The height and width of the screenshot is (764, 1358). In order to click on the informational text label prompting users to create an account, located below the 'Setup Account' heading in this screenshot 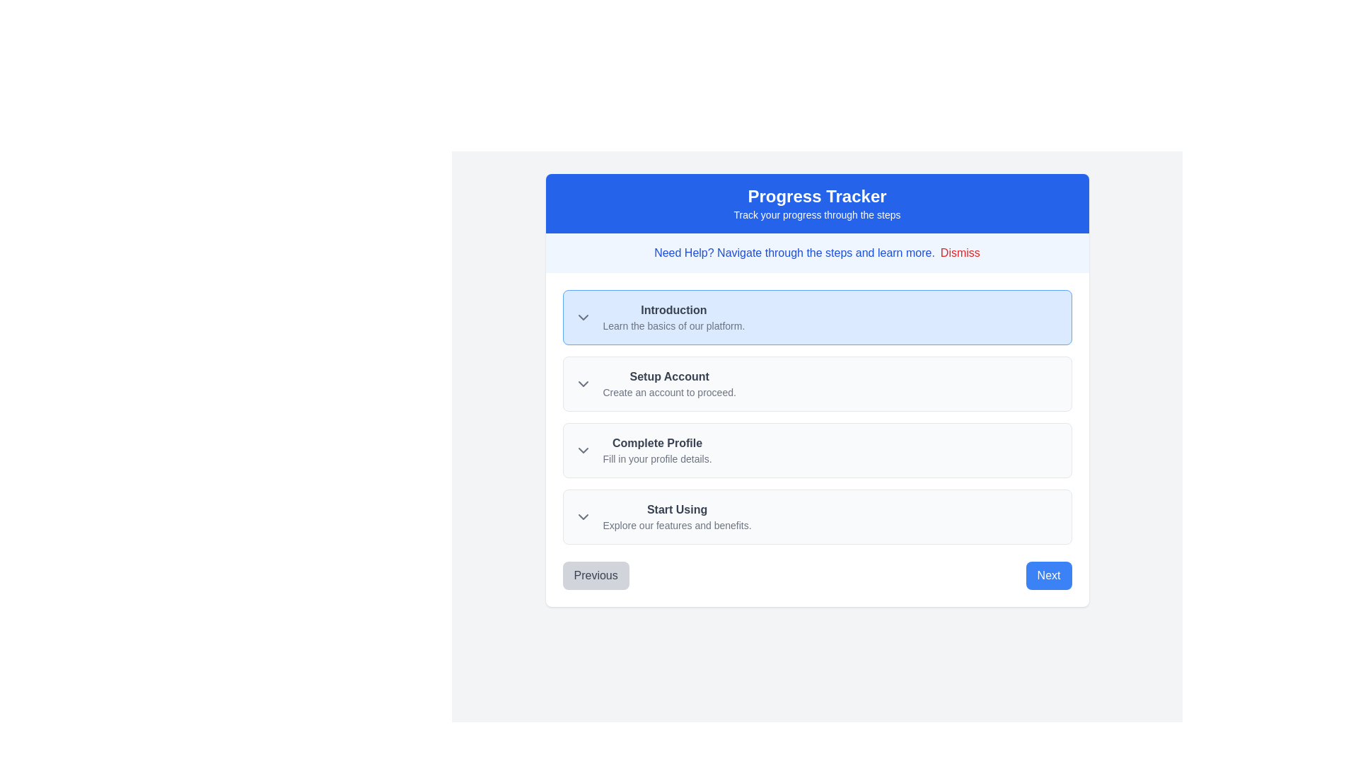, I will do `click(668, 393)`.